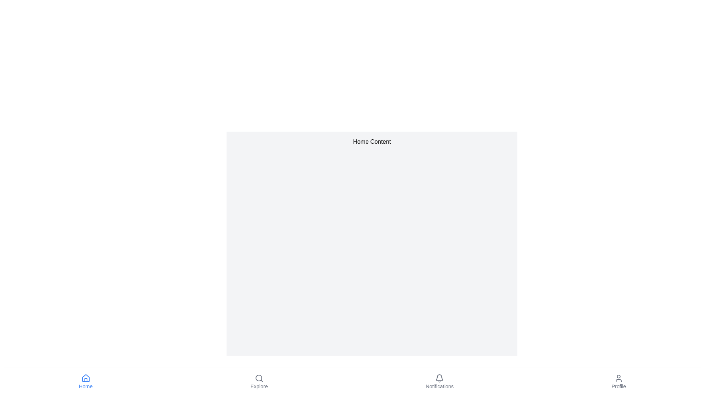 This screenshot has width=705, height=396. Describe the element at coordinates (86, 379) in the screenshot. I see `the central vertical part of the home icon located in the bottom navigation bar, above the word 'Home'` at that location.